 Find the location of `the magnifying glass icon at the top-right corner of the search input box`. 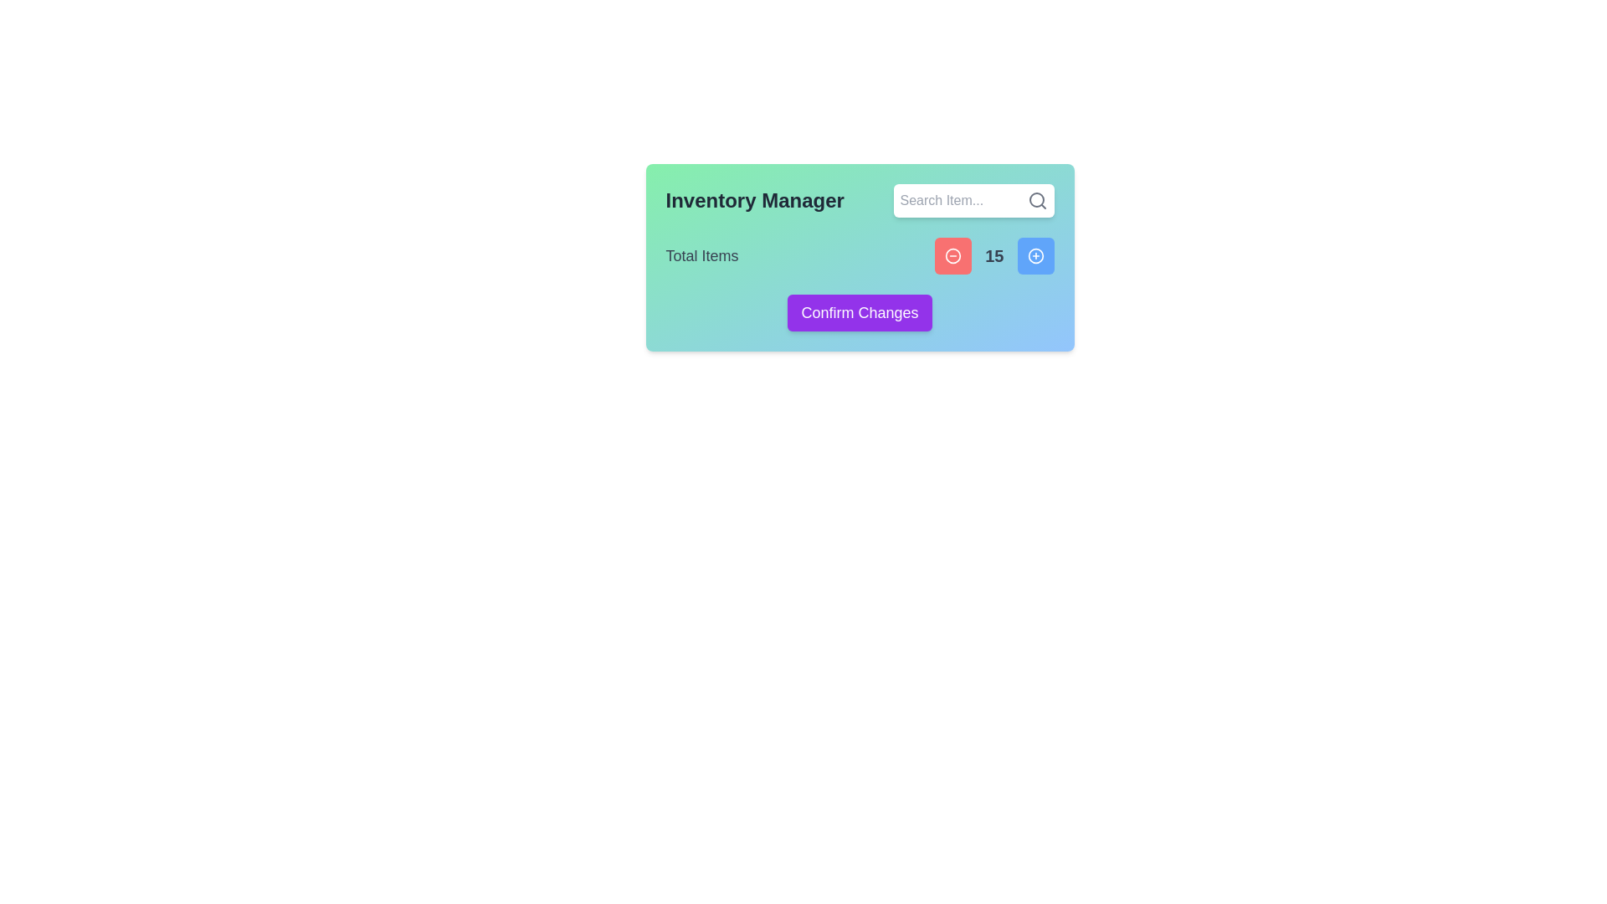

the magnifying glass icon at the top-right corner of the search input box is located at coordinates (1036, 199).